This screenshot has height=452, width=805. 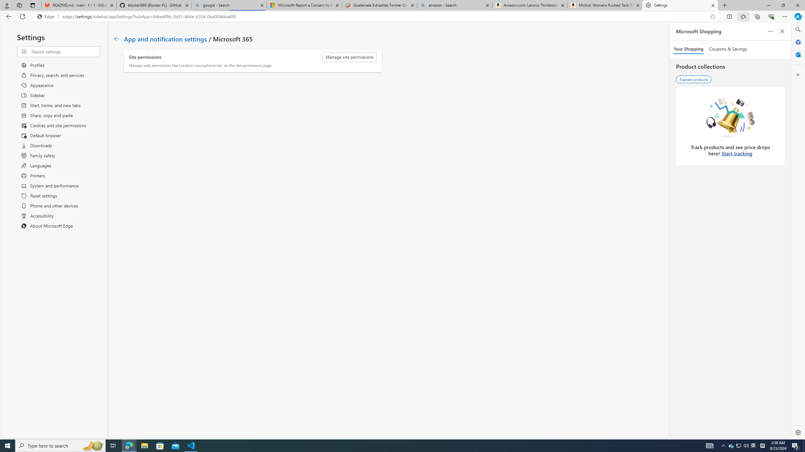 What do you see at coordinates (304, 5) in the screenshot?
I see `'Microsoft-Report a Concern to Bing'` at bounding box center [304, 5].